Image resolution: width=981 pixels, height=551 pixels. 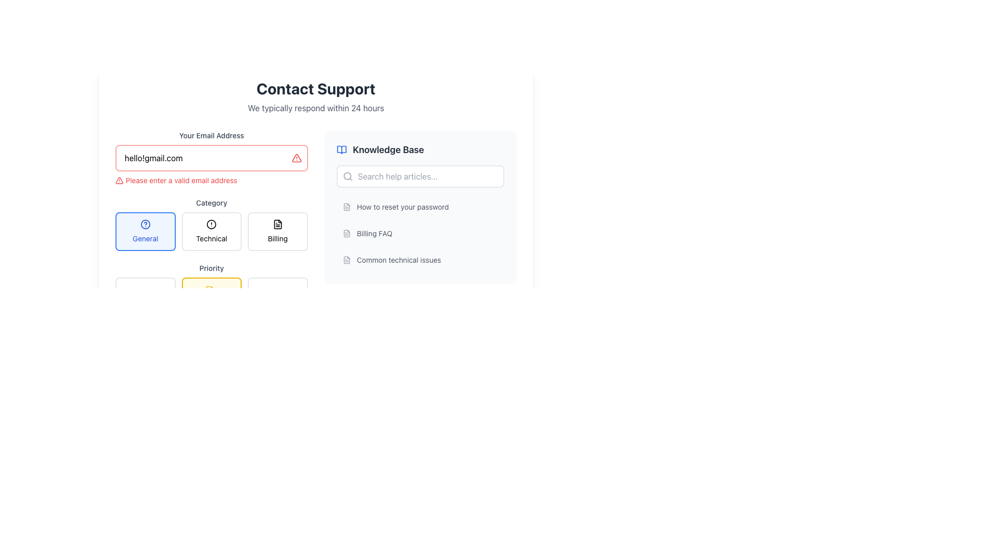 What do you see at coordinates (211, 238) in the screenshot?
I see `the text label 'Technical' located in the middle card of the 'Category' section, below an icon element` at bounding box center [211, 238].